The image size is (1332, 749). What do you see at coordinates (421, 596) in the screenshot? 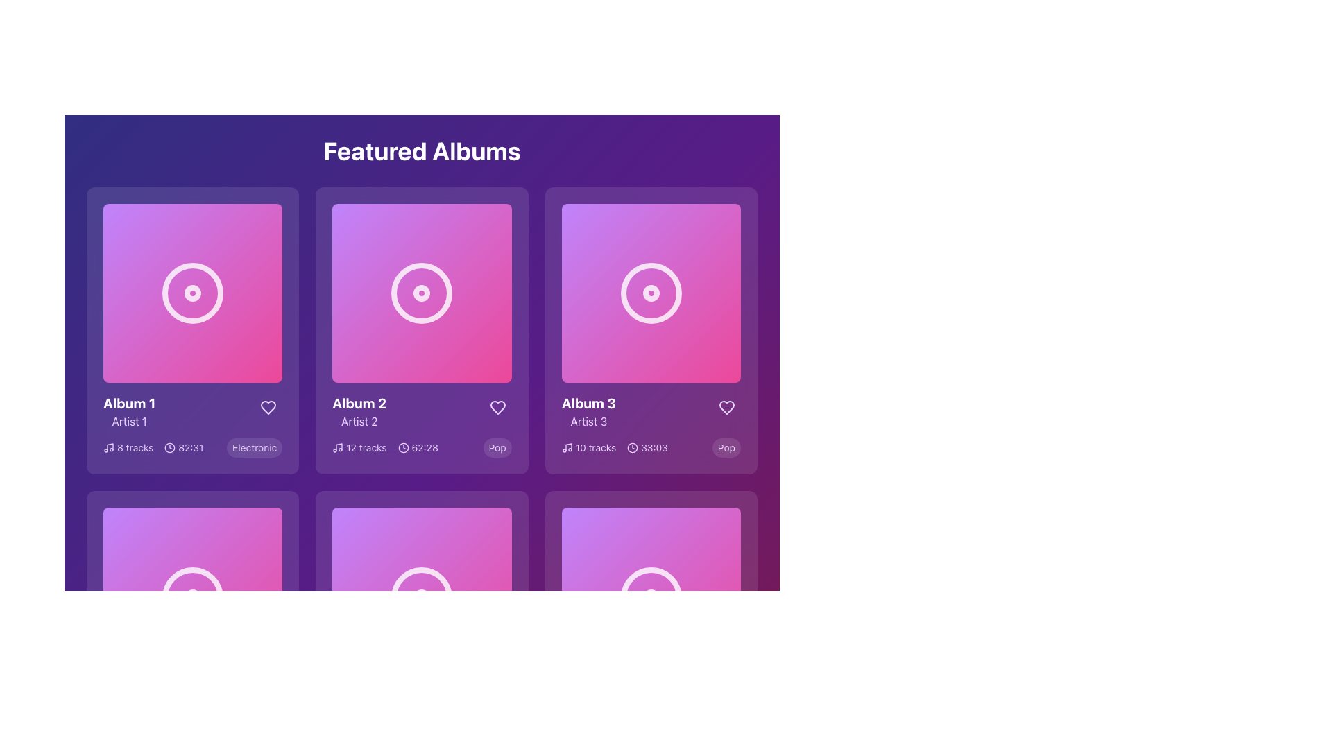
I see `the smaller SVG circle element within the disc icon of Album 2, which is the second card in the first row of the card layout` at bounding box center [421, 596].